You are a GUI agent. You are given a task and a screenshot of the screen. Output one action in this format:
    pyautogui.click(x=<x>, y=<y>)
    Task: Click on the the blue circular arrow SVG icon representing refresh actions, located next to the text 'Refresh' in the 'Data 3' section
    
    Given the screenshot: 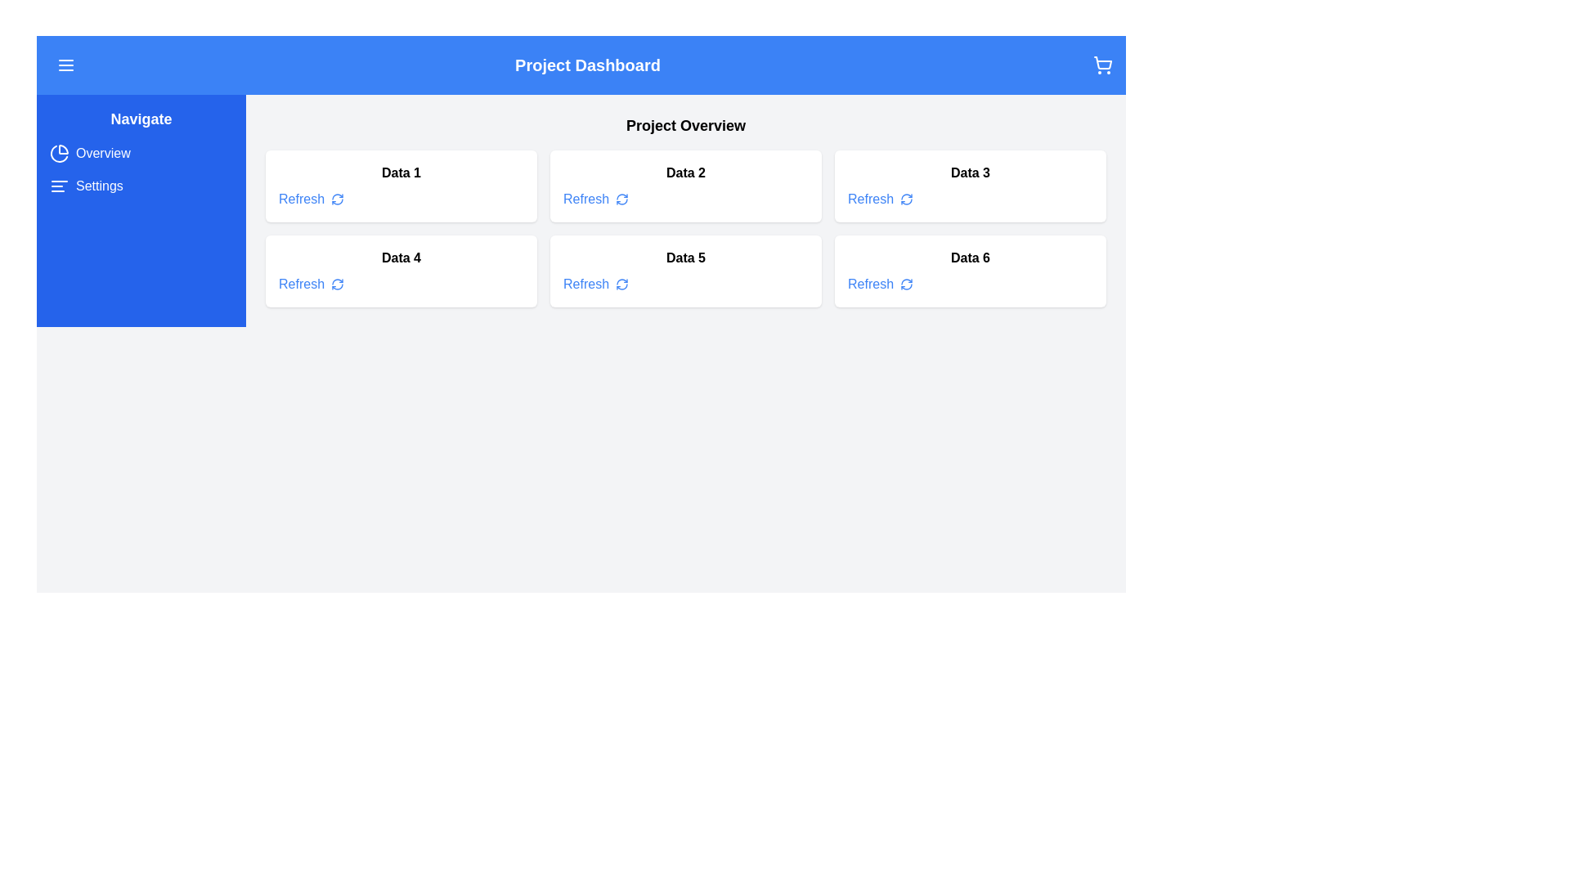 What is the action you would take?
    pyautogui.click(x=905, y=198)
    